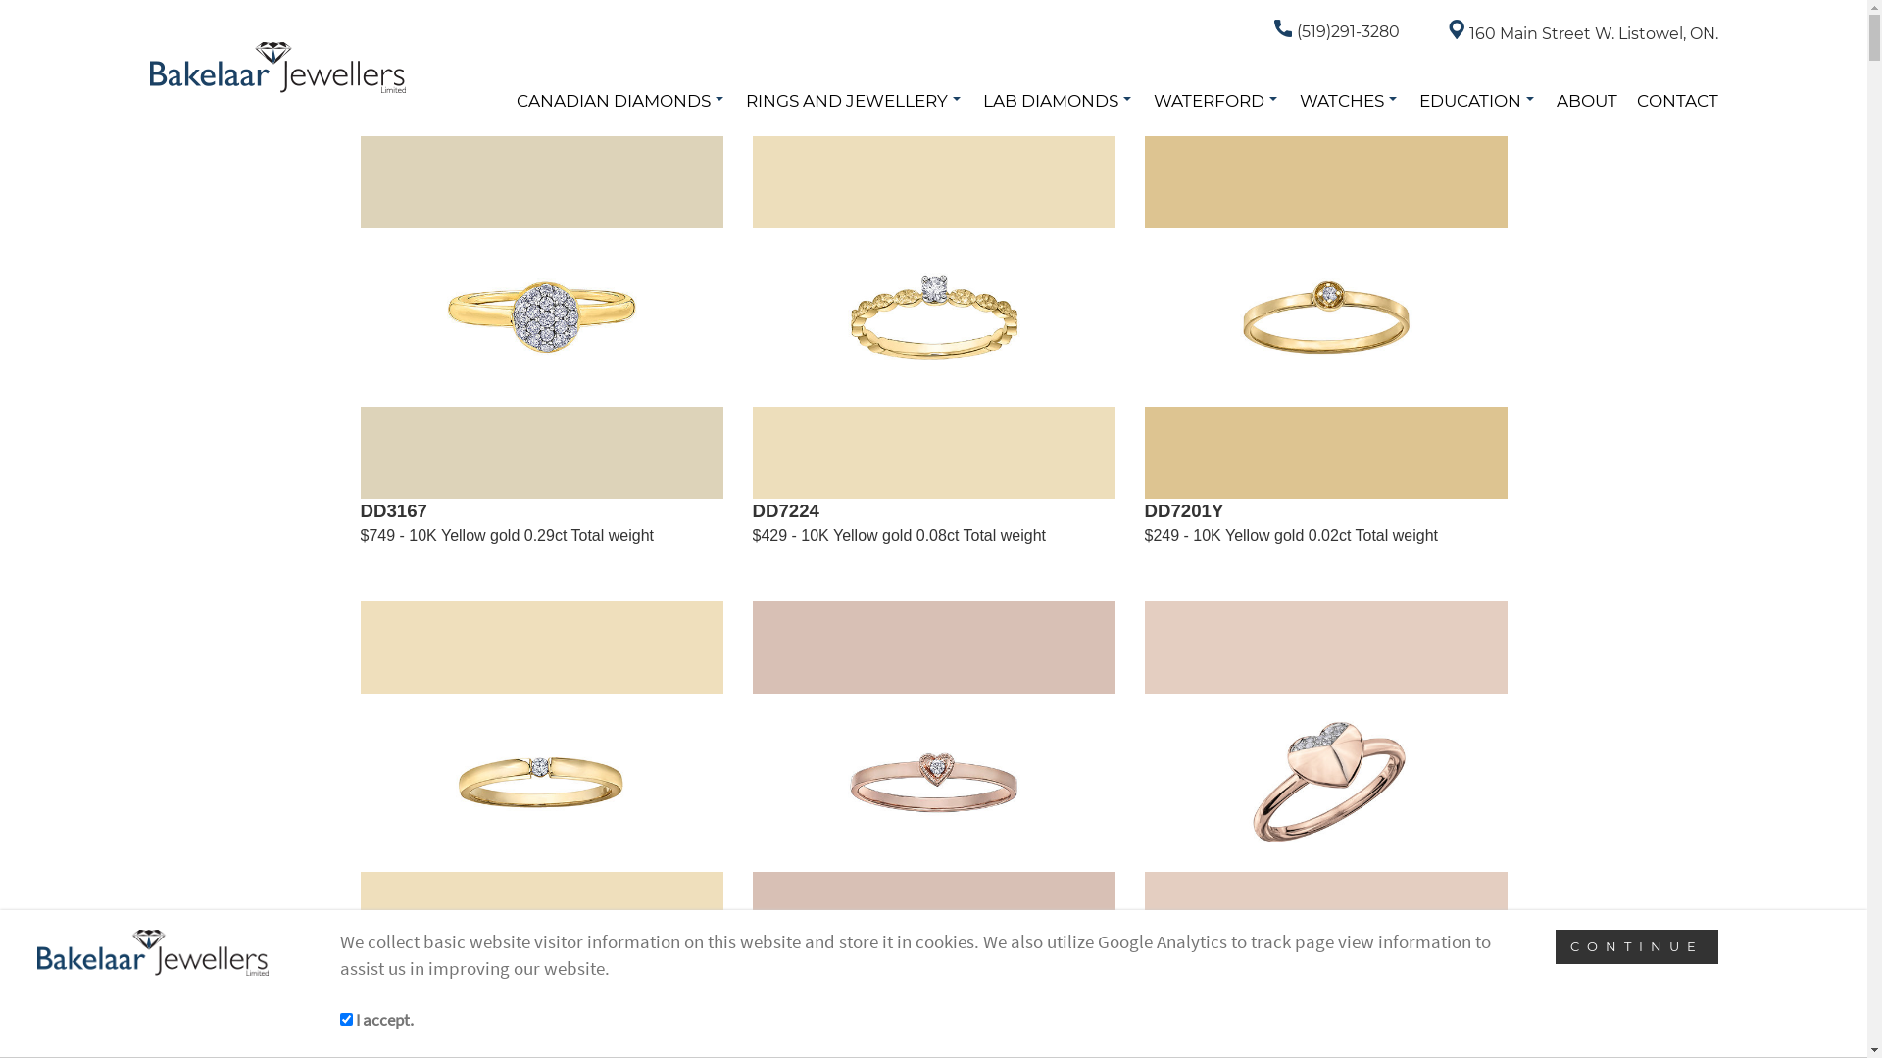 The height and width of the screenshot is (1058, 1882). I want to click on 'ABOUT', so click(1586, 101).